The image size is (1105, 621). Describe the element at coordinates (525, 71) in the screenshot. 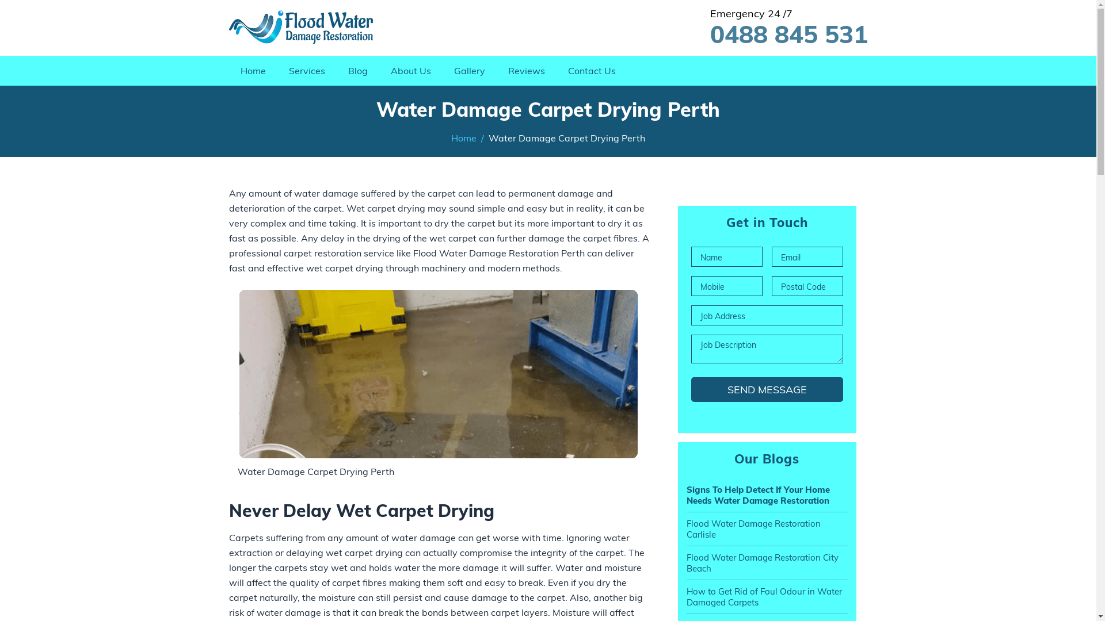

I see `'Reviews'` at that location.